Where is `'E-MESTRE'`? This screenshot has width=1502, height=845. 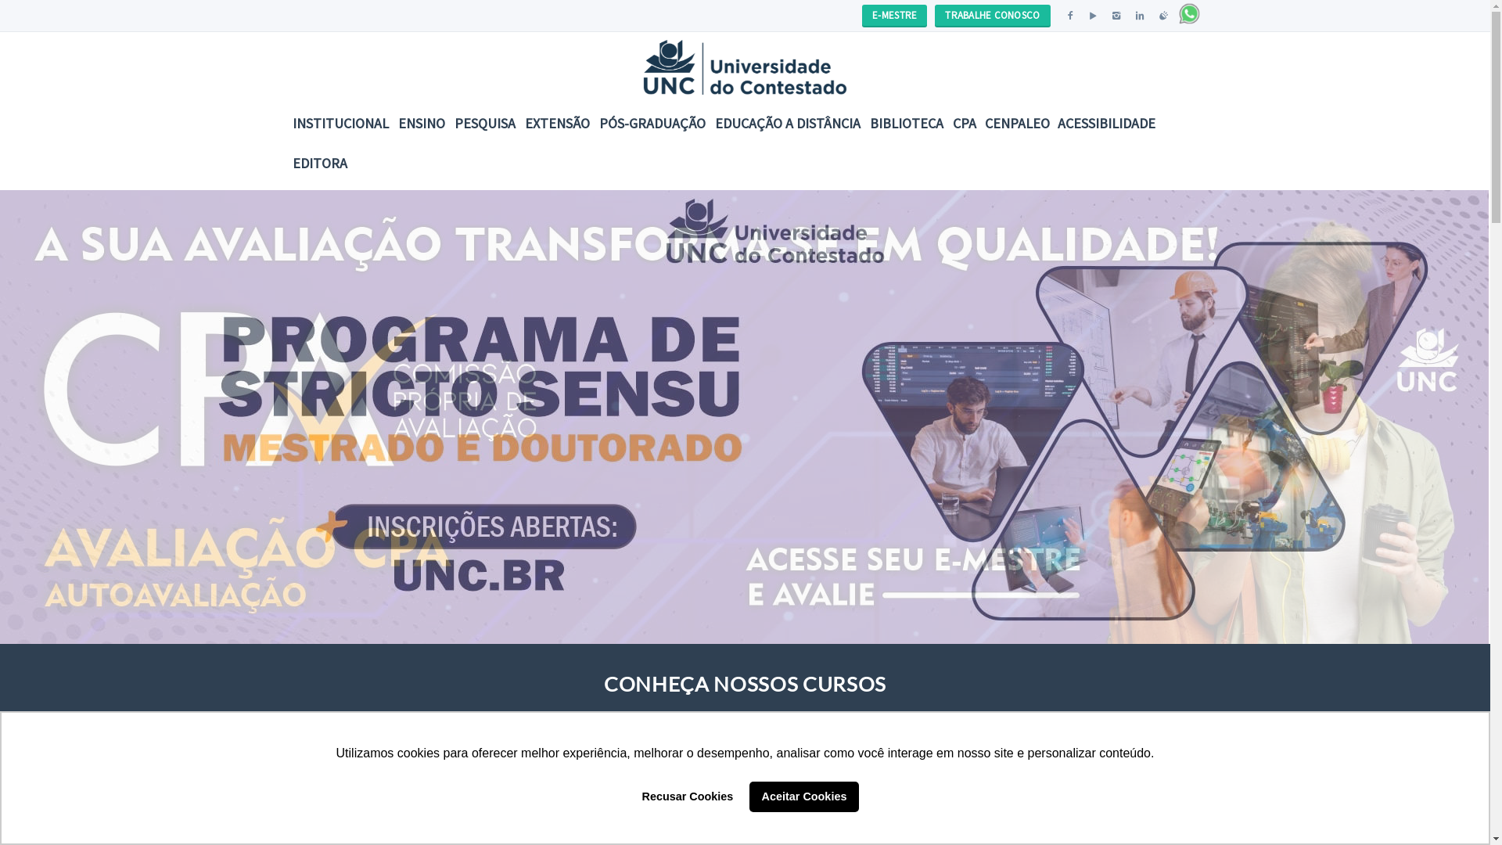 'E-MESTRE' is located at coordinates (861, 15).